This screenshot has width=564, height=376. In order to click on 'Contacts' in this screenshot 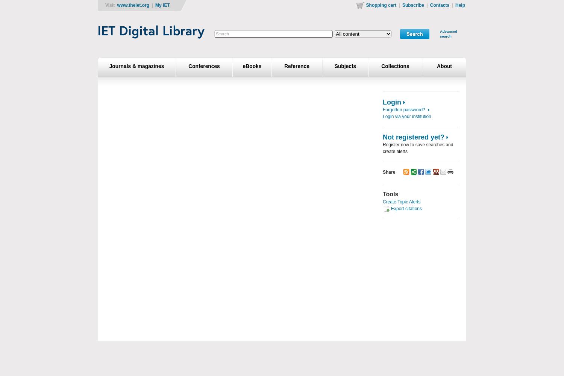, I will do `click(439, 5)`.